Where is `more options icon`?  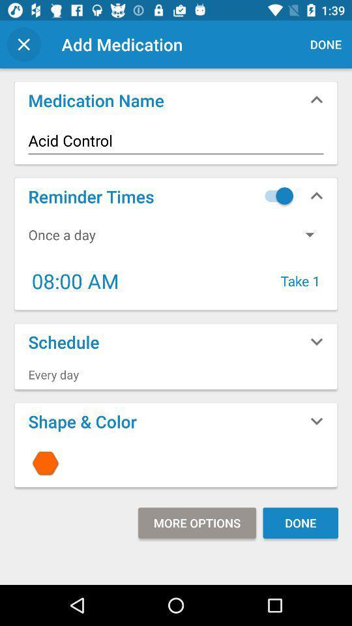
more options icon is located at coordinates (196, 523).